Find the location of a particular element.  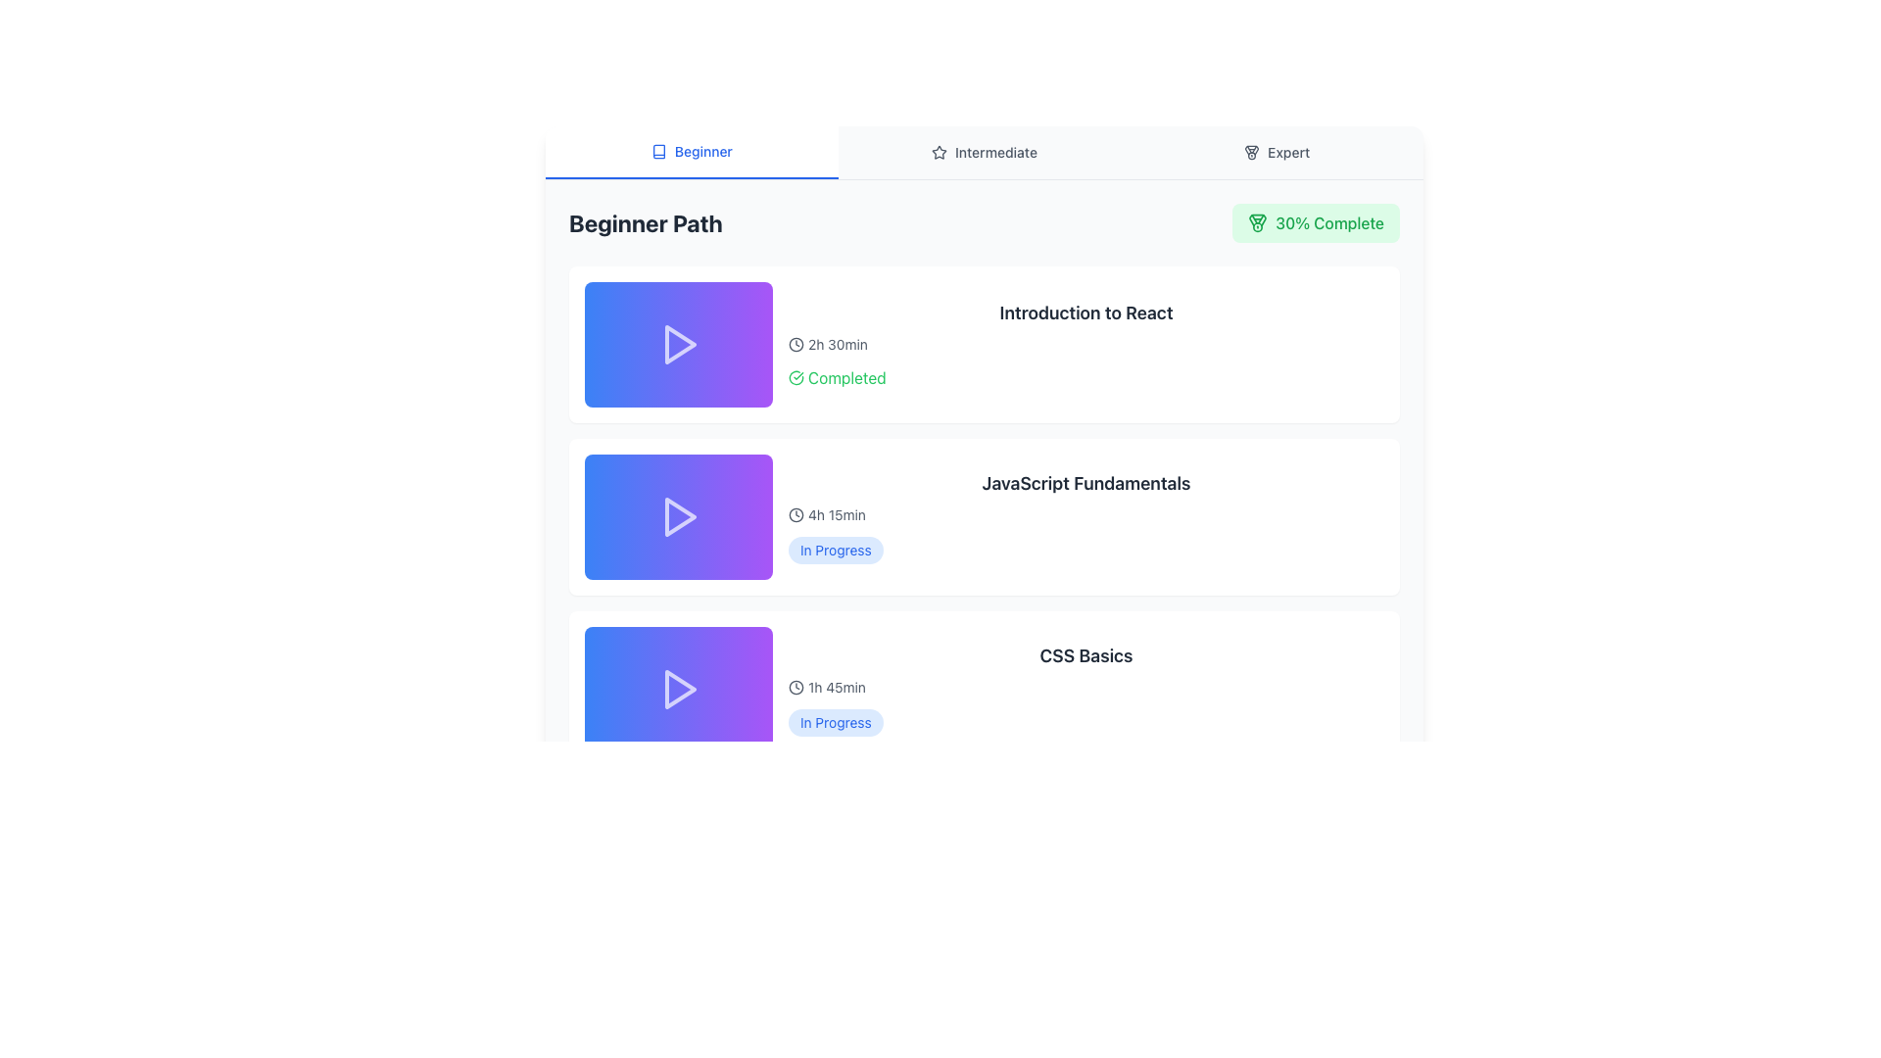

the 'Intermediate' section of the navigation menu is located at coordinates (984, 151).